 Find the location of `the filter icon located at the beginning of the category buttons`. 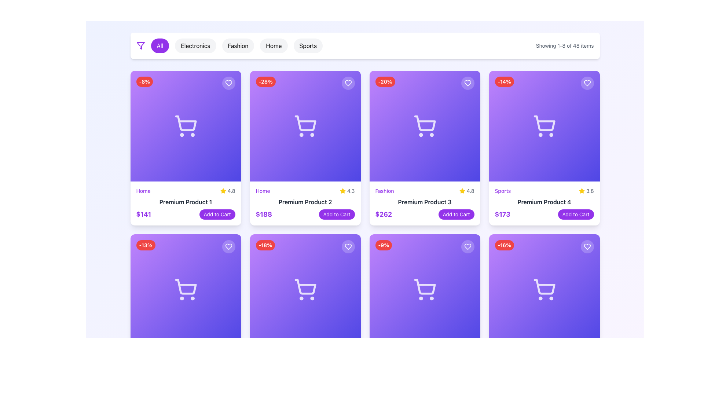

the filter icon located at the beginning of the category buttons is located at coordinates (140, 45).